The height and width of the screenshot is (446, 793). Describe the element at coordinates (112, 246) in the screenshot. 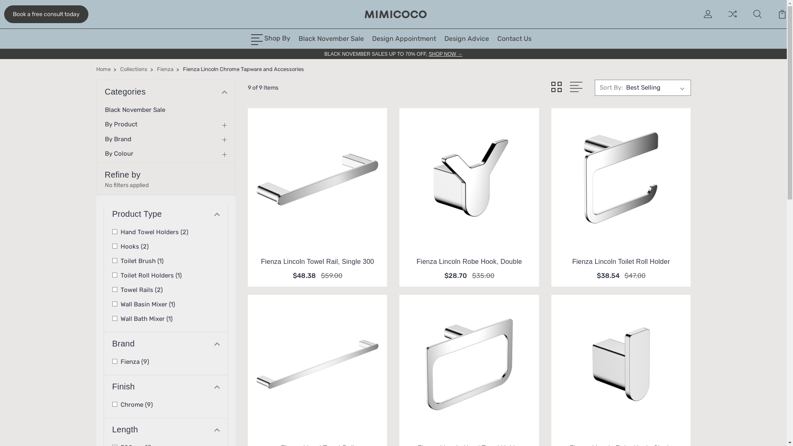

I see `'Hooks (2)'` at that location.